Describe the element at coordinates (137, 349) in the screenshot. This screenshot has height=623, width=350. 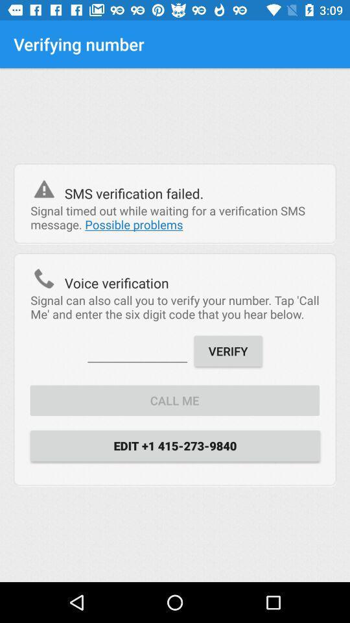
I see `text input` at that location.